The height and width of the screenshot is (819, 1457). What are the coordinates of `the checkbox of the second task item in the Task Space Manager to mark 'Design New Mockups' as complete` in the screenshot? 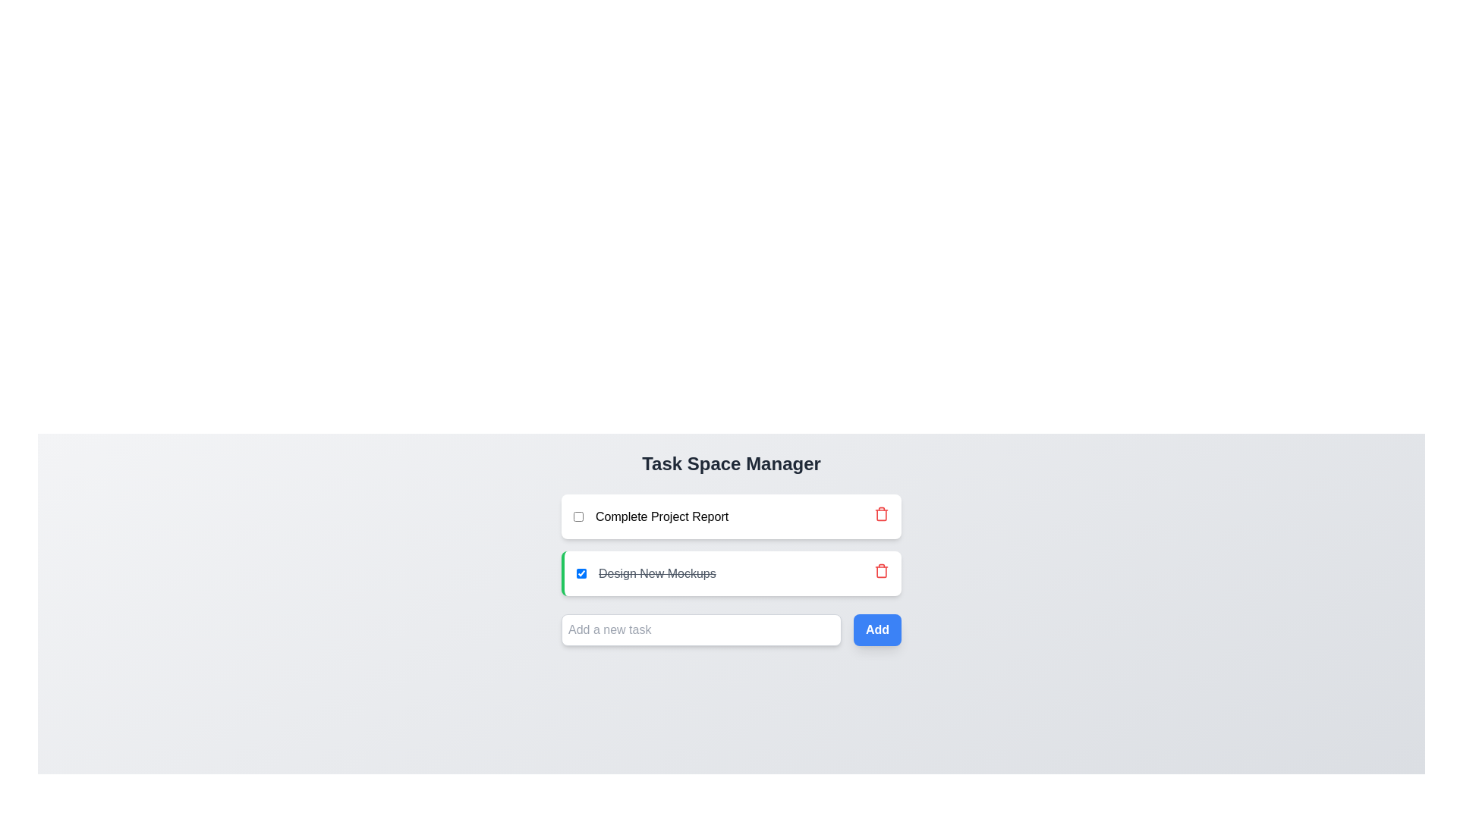 It's located at (732, 544).